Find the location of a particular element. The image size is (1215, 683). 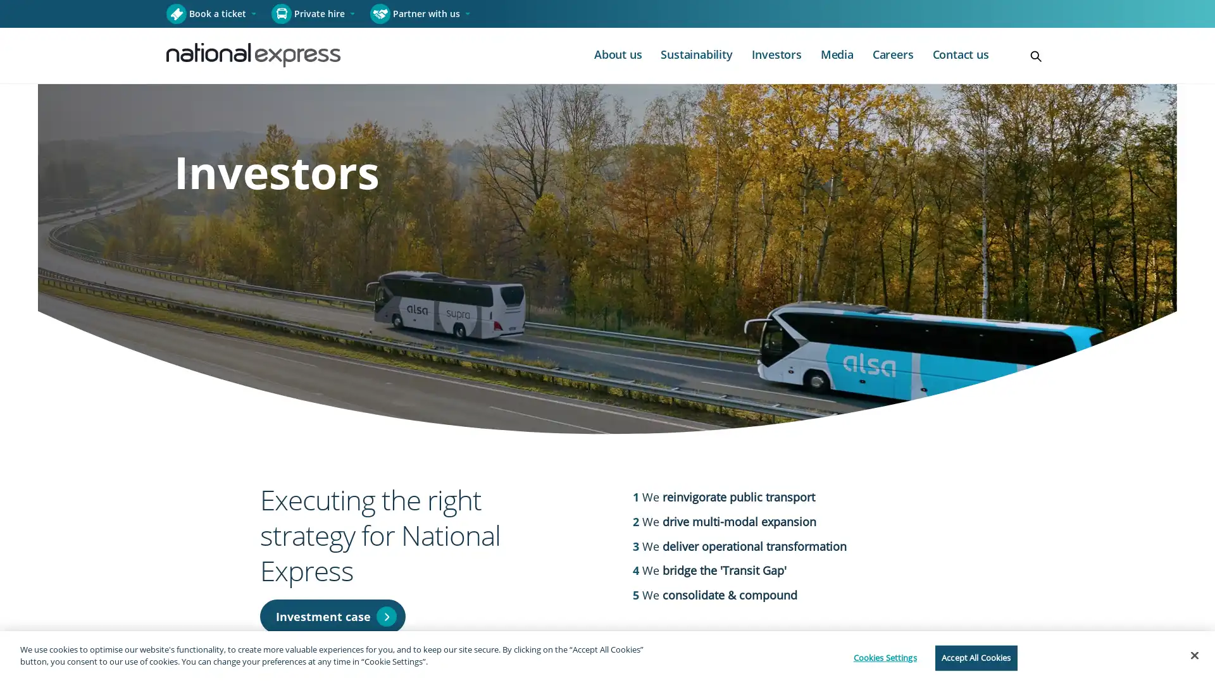

Close is located at coordinates (1193, 655).